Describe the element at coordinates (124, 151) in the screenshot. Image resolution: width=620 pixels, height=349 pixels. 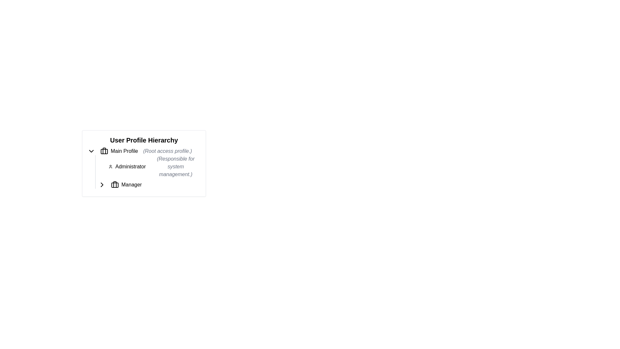
I see `the Text Label indicating the main profile with root access, which is positioned under 'User Profile Hierarchy' with a briefcase icon on the left and italic text '(Root access profile.)' on the right` at that location.